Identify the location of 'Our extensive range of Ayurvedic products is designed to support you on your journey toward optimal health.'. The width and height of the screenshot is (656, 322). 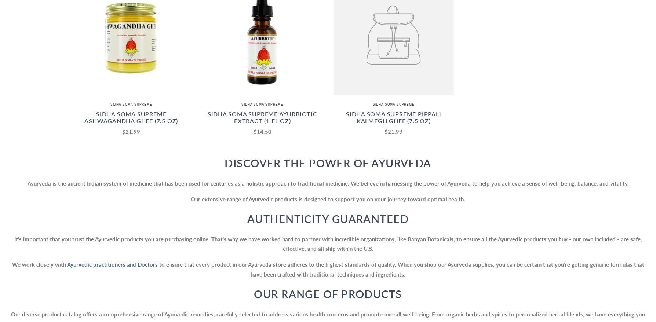
(190, 198).